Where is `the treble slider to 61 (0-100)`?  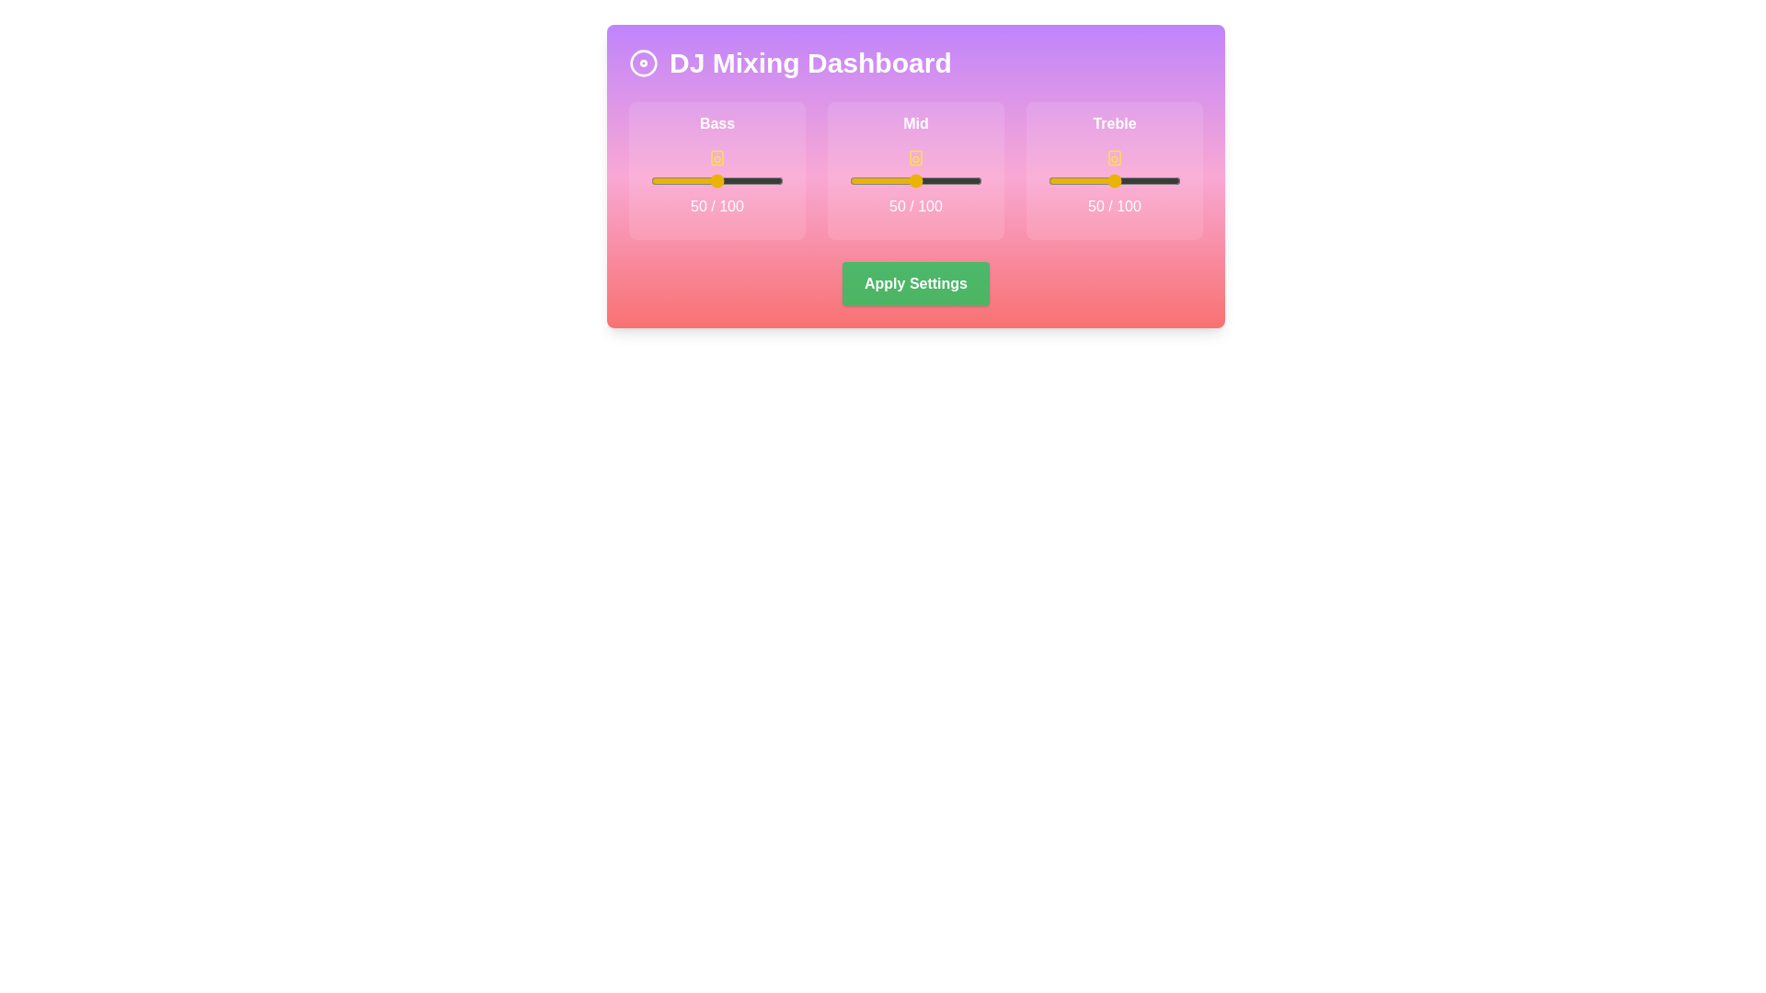
the treble slider to 61 (0-100) is located at coordinates (1128, 180).